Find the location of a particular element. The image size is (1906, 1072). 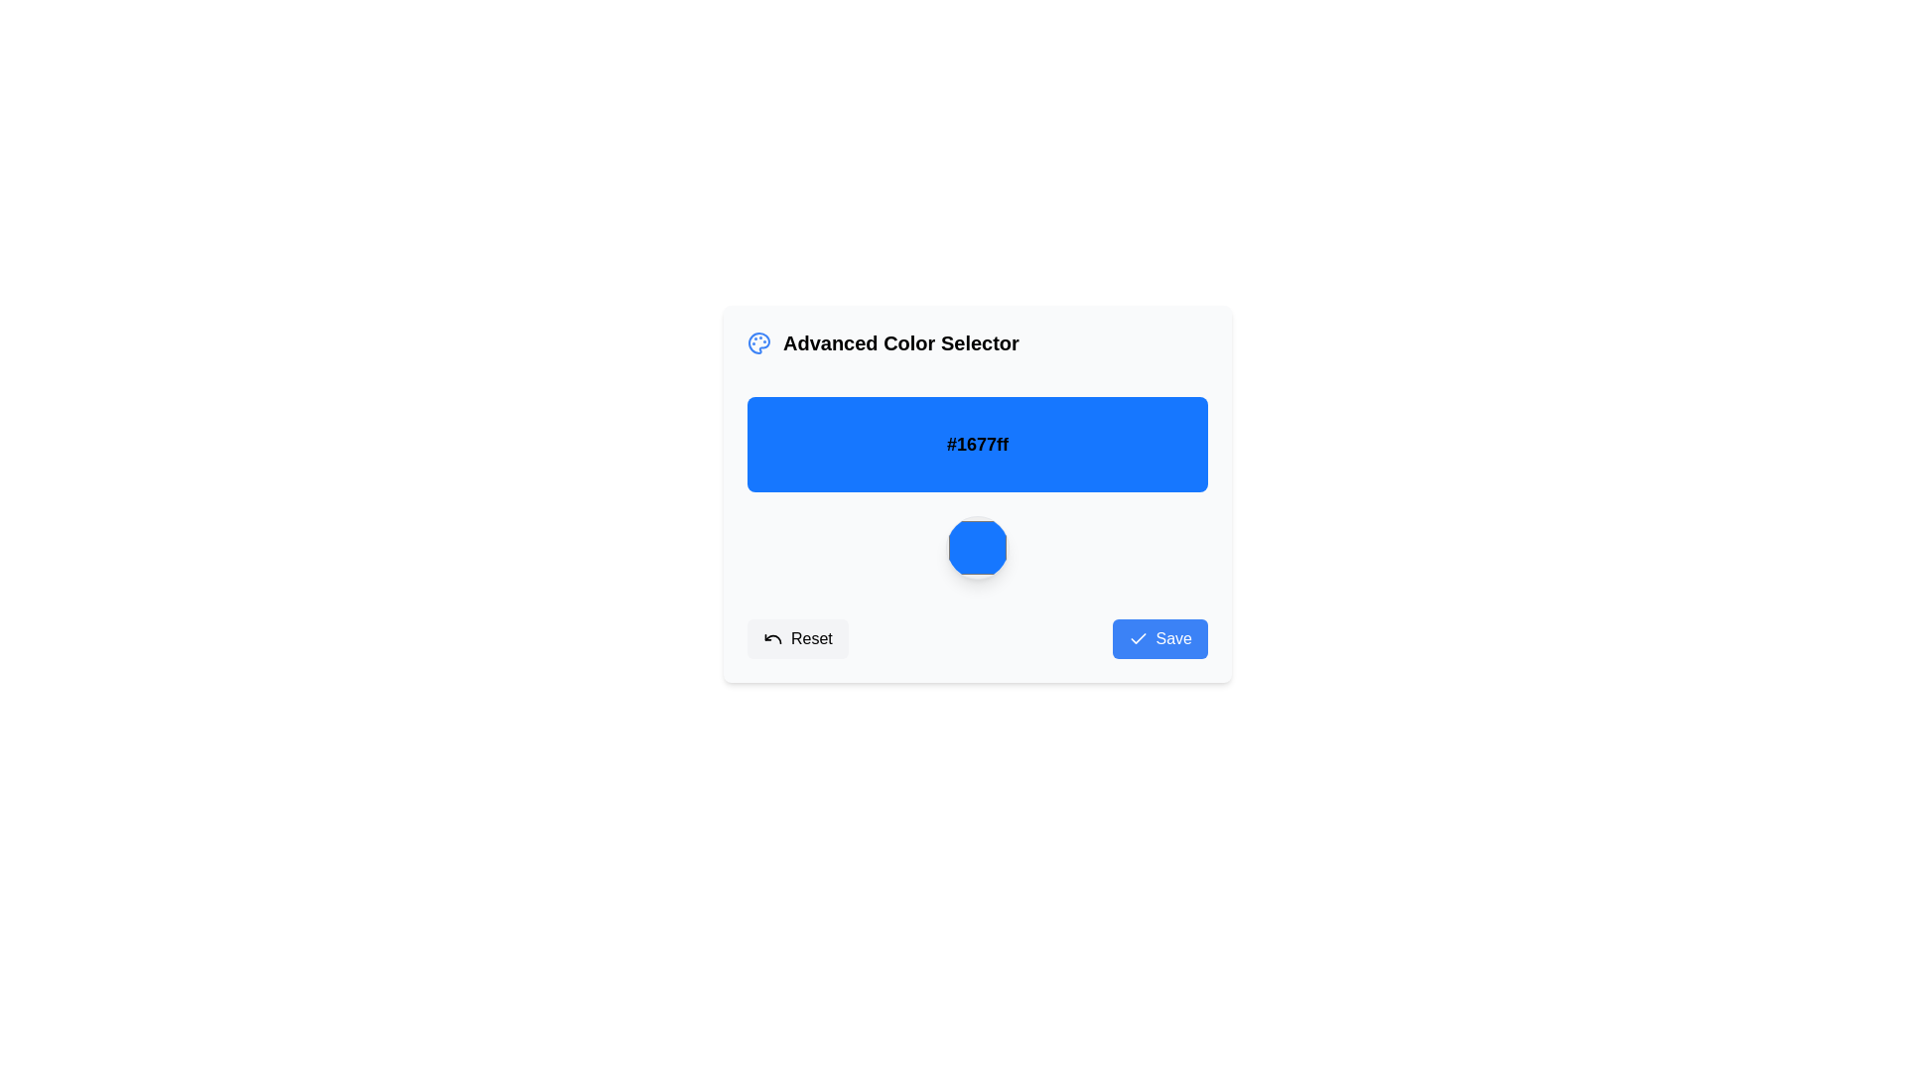

the main circular body of the palette icon, which is outlined in blue and white, located to the left of the 'Advanced Color Selector' text is located at coordinates (757, 342).